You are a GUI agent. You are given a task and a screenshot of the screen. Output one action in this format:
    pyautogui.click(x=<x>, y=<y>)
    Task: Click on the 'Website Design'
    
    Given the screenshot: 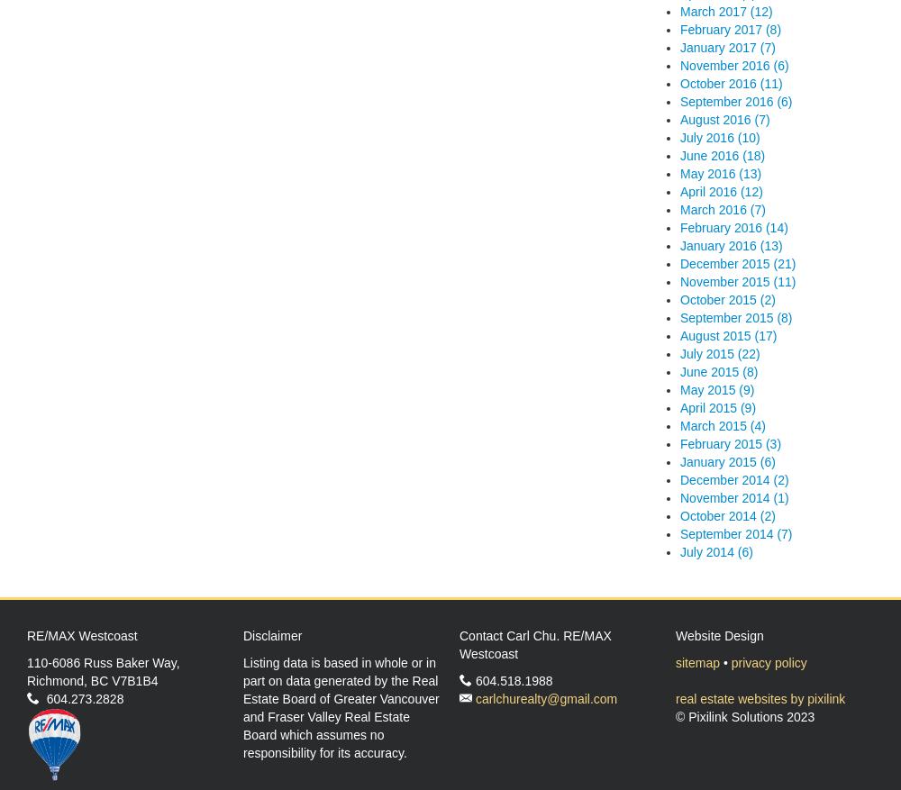 What is the action you would take?
    pyautogui.click(x=719, y=634)
    